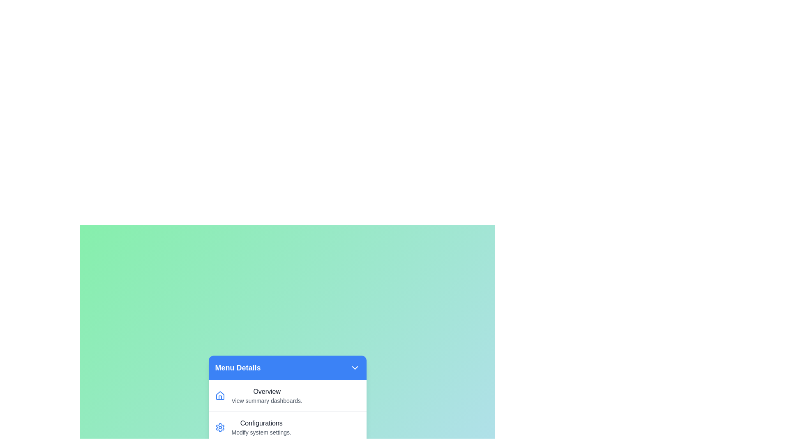 Image resolution: width=789 pixels, height=444 pixels. I want to click on the menu item labeled Overview to read its description, so click(287, 395).